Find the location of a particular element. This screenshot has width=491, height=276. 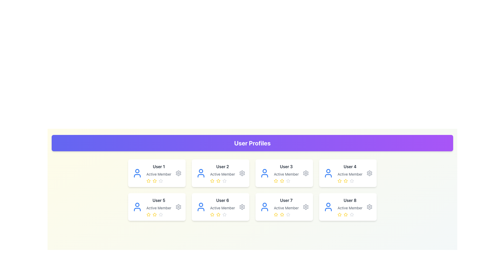

the third yellow star in the rating system within the 'User 5' UI card is located at coordinates (154, 215).